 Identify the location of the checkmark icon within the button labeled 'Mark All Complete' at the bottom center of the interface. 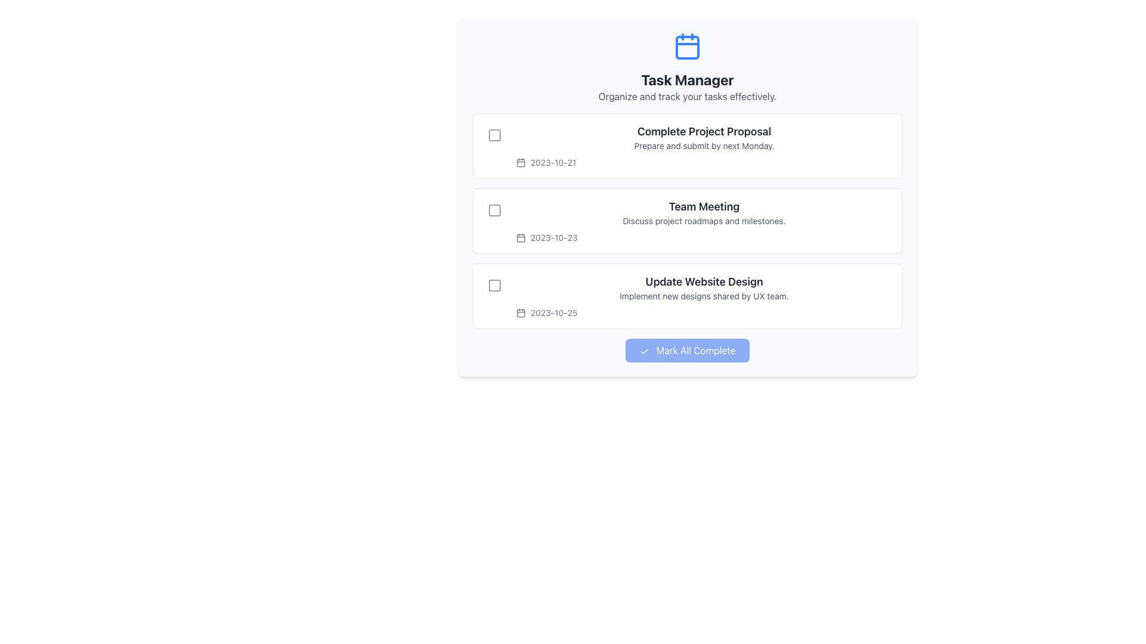
(643, 351).